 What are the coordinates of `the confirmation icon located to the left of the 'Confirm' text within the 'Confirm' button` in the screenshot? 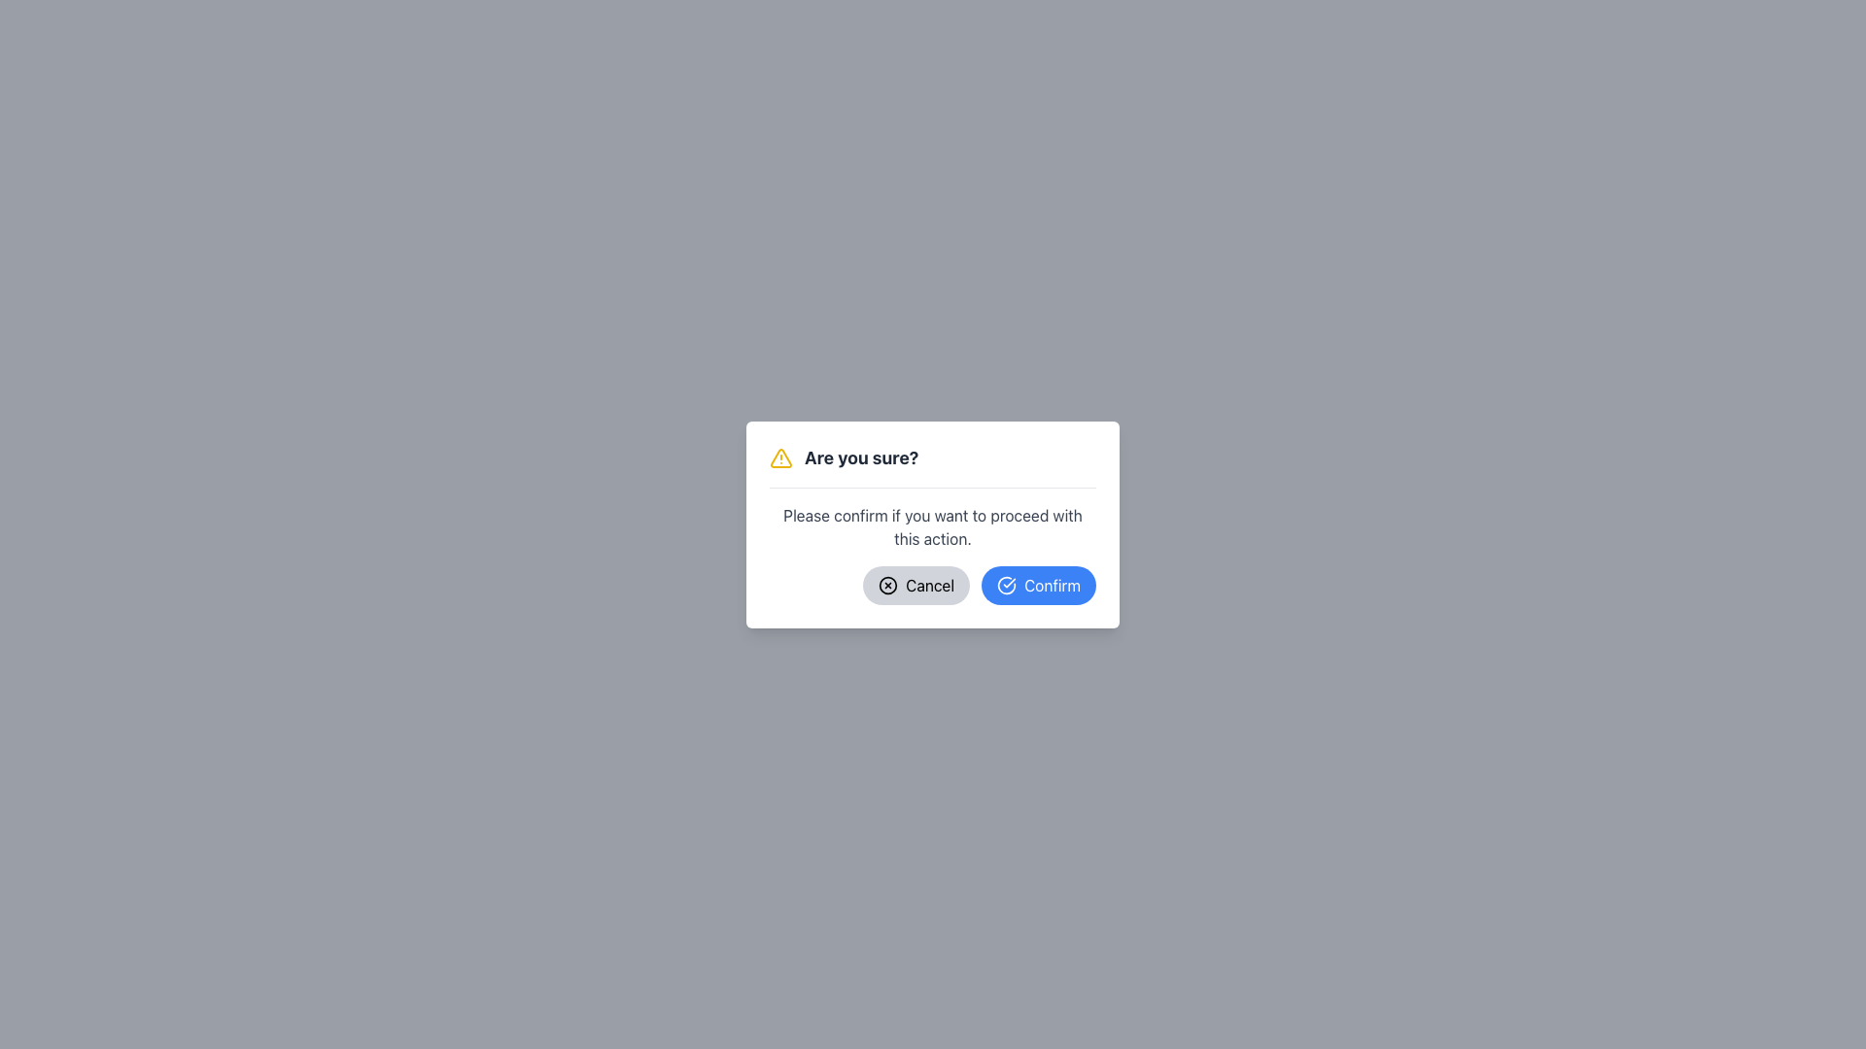 It's located at (1007, 584).